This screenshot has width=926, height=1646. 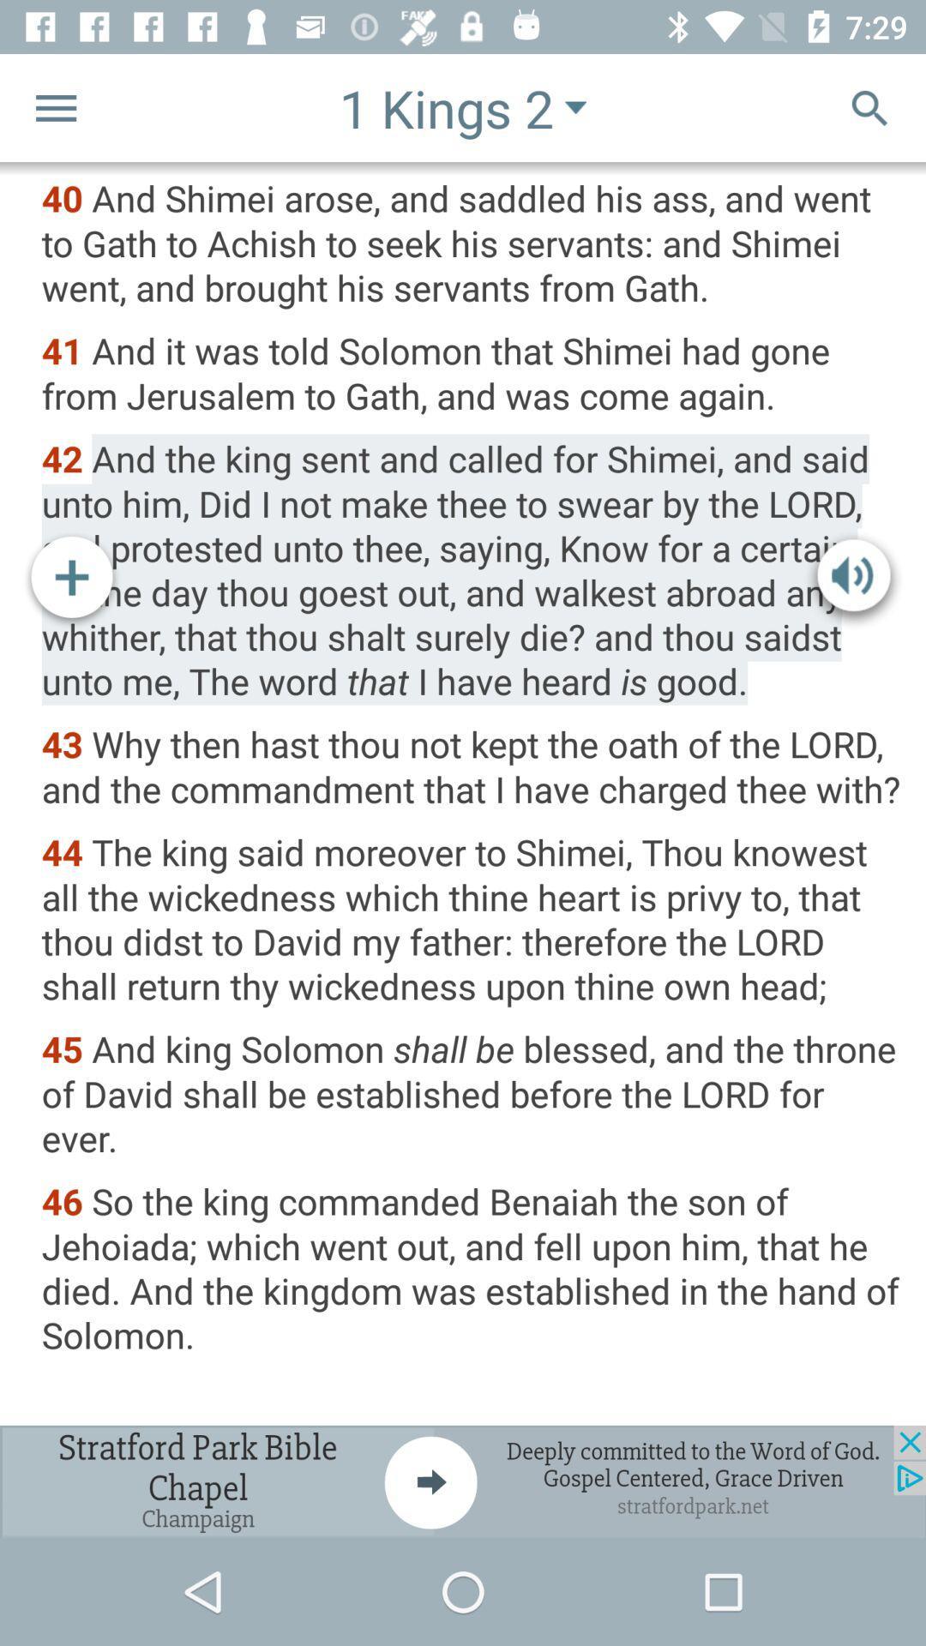 What do you see at coordinates (869, 106) in the screenshot?
I see `the search icon` at bounding box center [869, 106].